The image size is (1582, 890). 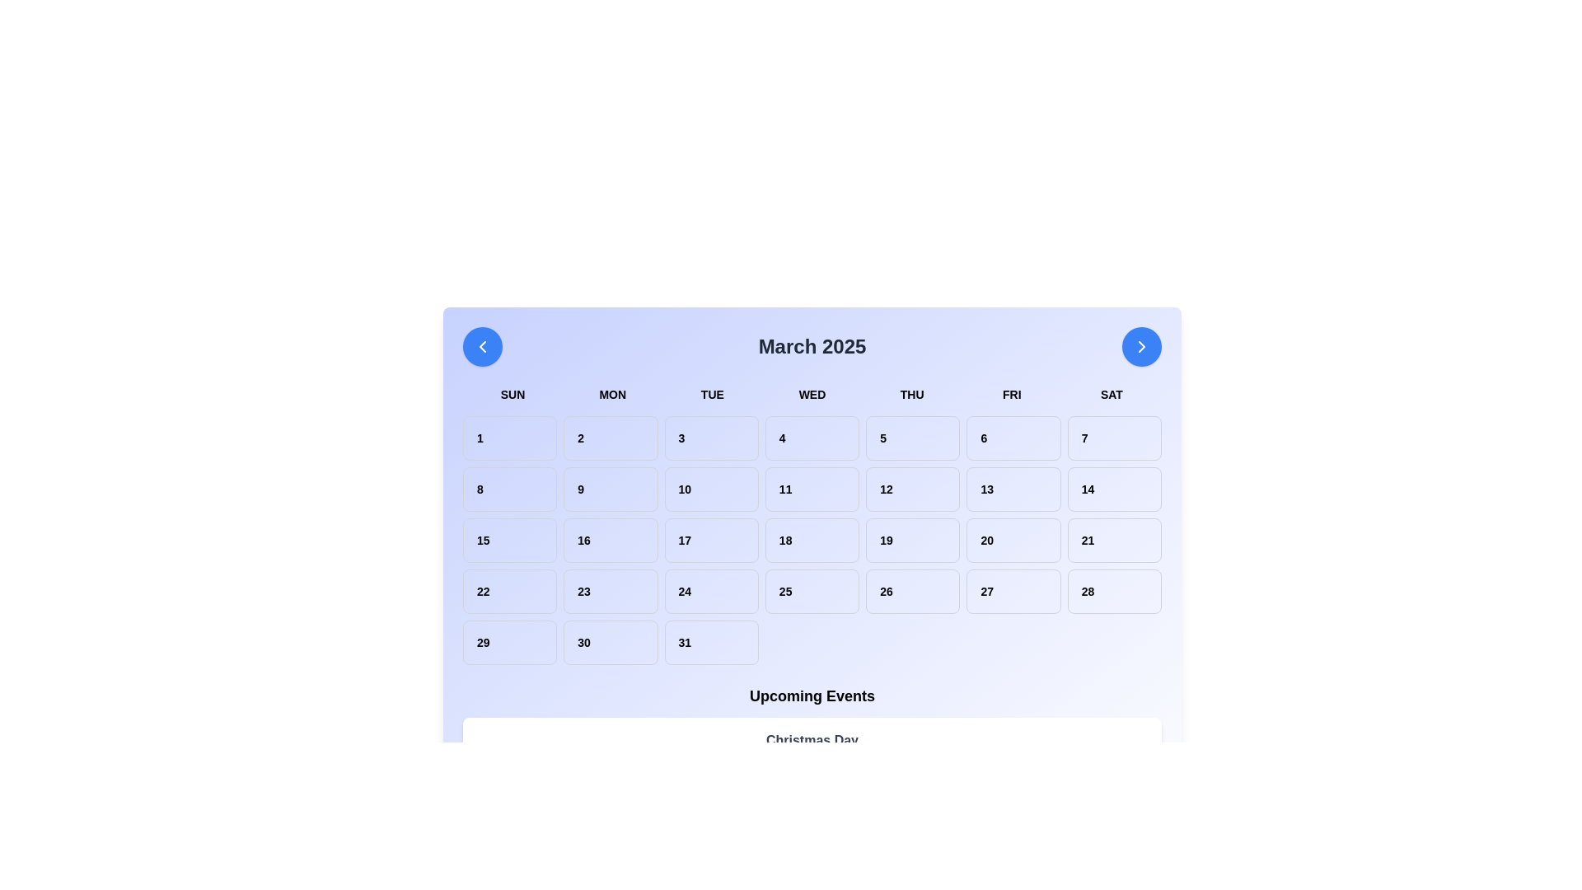 I want to click on the circular blue button with a leftward chevron icon located on the left side of the header section displaying 'March 2025' to activate its hover effect, so click(x=481, y=345).